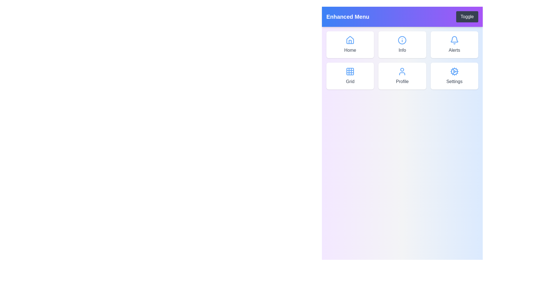 This screenshot has width=537, height=302. I want to click on the menu item labeled Settings, so click(454, 76).